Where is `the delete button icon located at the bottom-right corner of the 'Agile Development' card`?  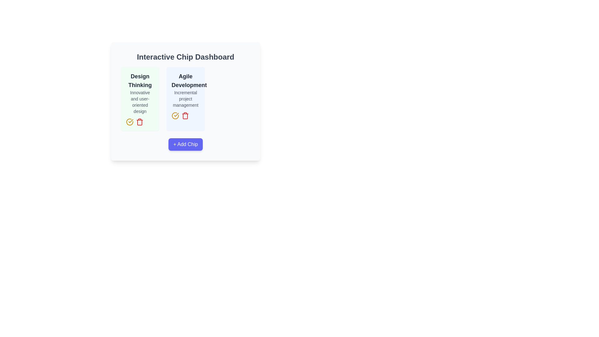 the delete button icon located at the bottom-right corner of the 'Agile Development' card is located at coordinates (185, 115).